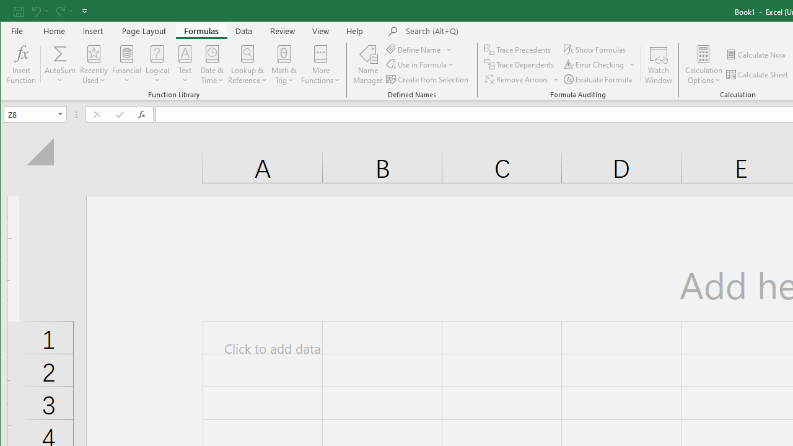 Image resolution: width=793 pixels, height=446 pixels. What do you see at coordinates (414, 49) in the screenshot?
I see `'Define Name...'` at bounding box center [414, 49].